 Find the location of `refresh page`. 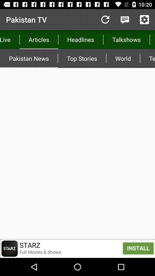

refresh page is located at coordinates (105, 20).